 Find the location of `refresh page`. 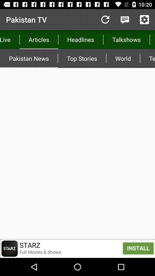

refresh page is located at coordinates (105, 20).